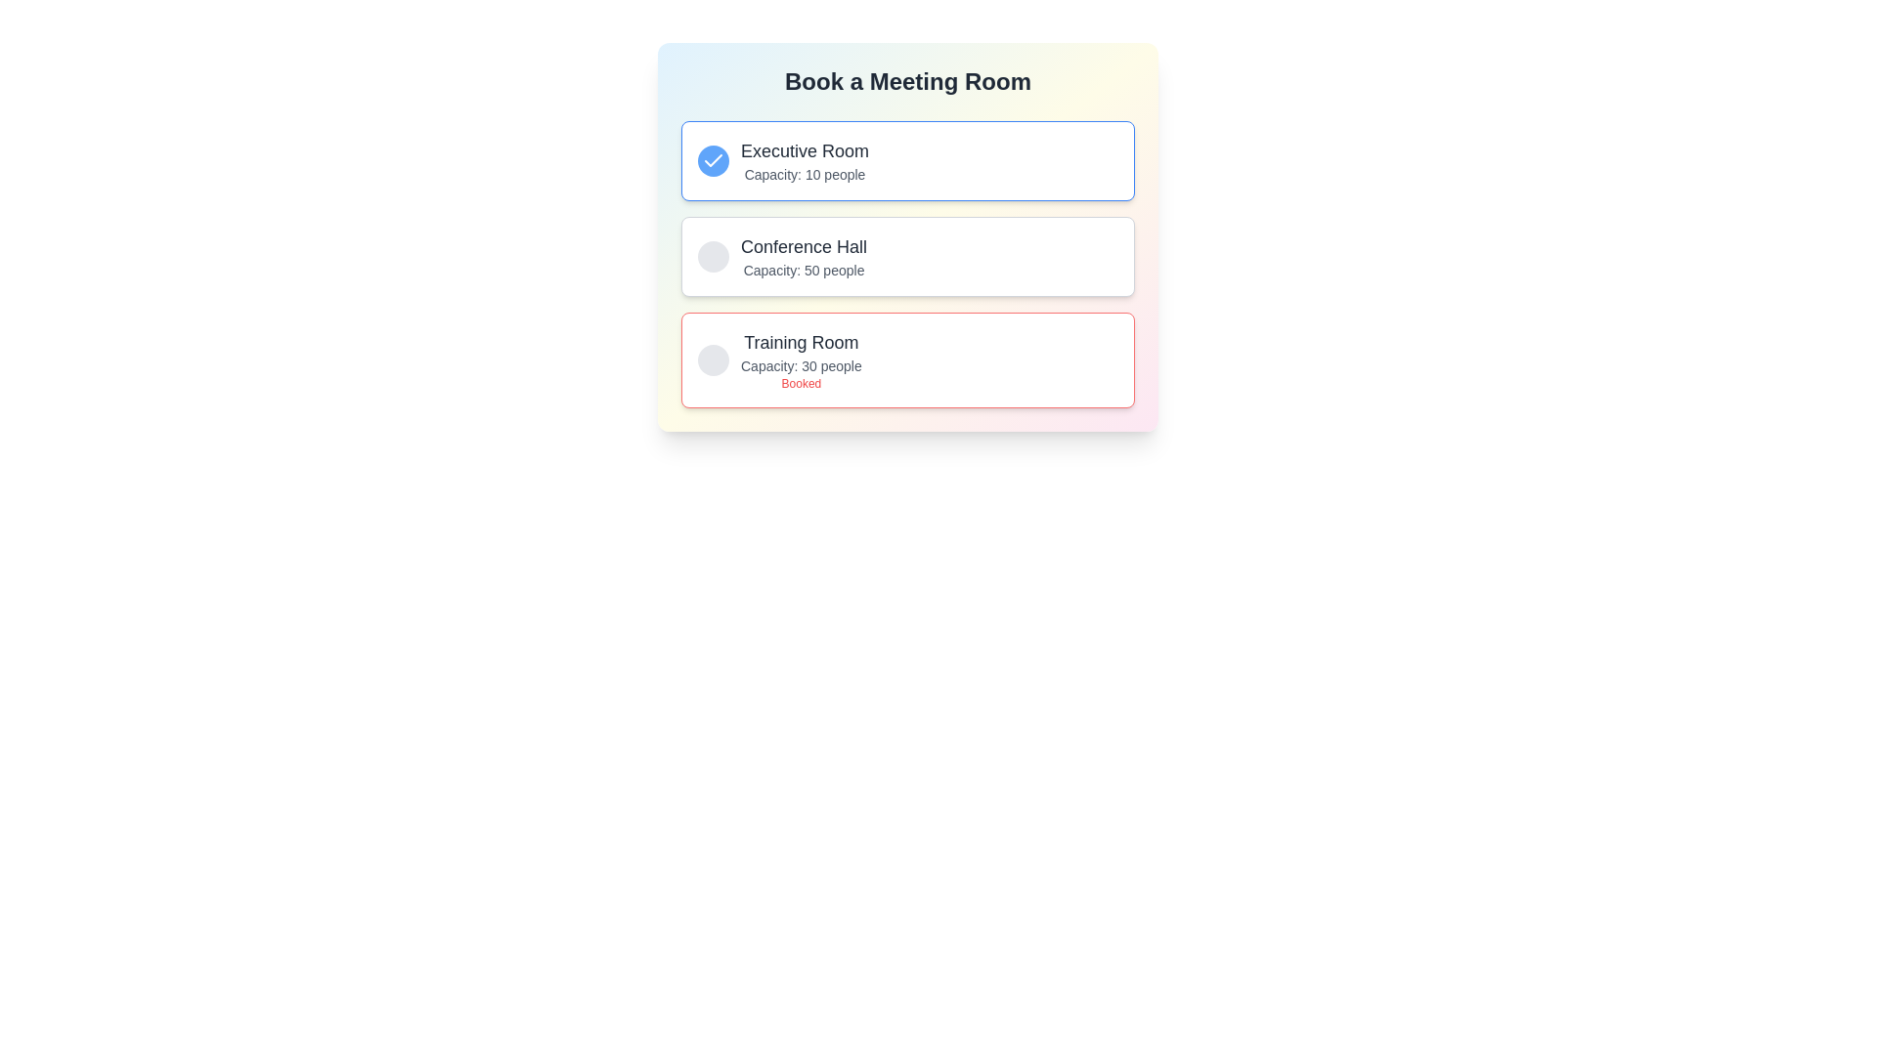 The height and width of the screenshot is (1055, 1877). What do you see at coordinates (907, 255) in the screenshot?
I see `the 'Conference Hall' selection option card, which is the second item in a vertical list of room options` at bounding box center [907, 255].